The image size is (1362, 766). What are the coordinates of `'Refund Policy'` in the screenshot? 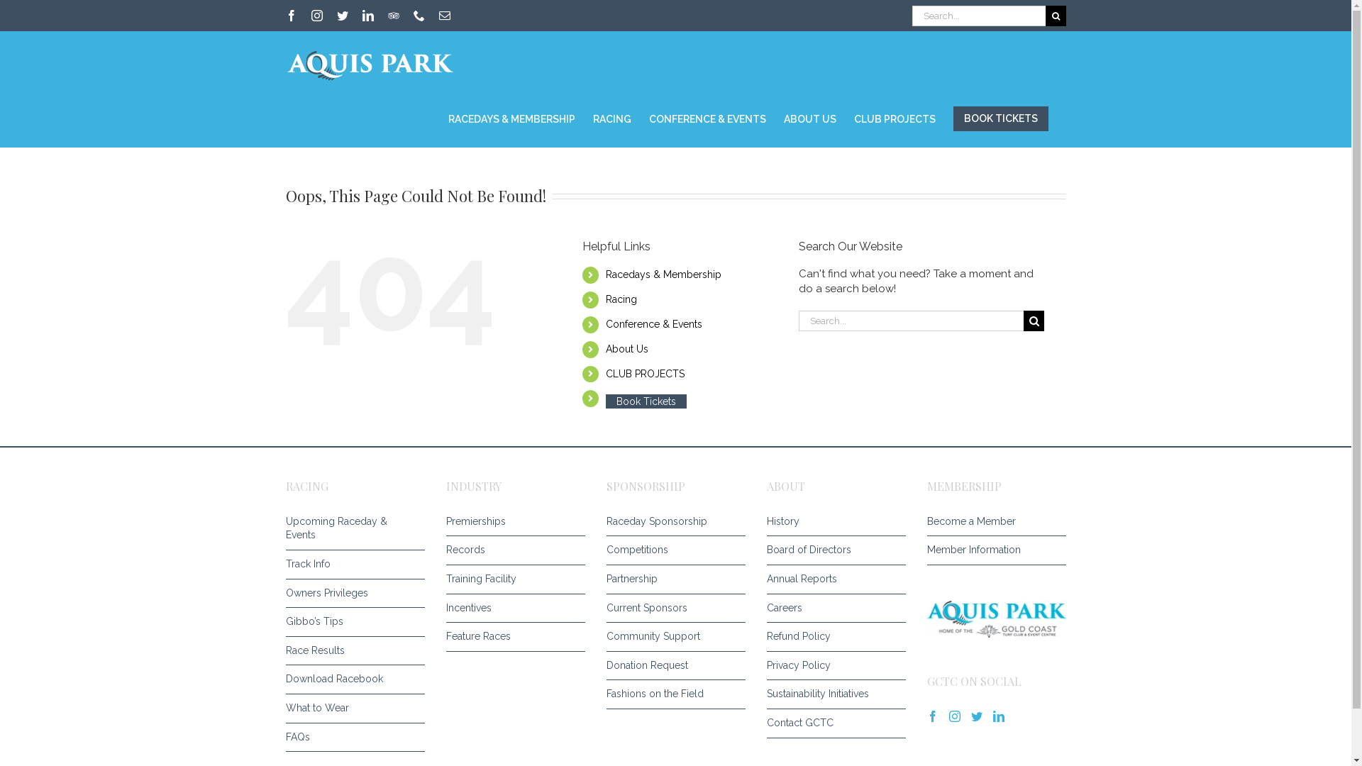 It's located at (765, 636).